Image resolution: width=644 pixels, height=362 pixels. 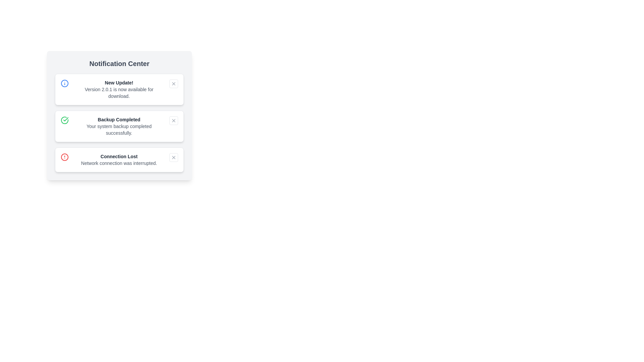 What do you see at coordinates (119, 163) in the screenshot?
I see `the informative message text that indicates an issue with the network connection, located under the heading 'Connection Lost' in the notification card` at bounding box center [119, 163].